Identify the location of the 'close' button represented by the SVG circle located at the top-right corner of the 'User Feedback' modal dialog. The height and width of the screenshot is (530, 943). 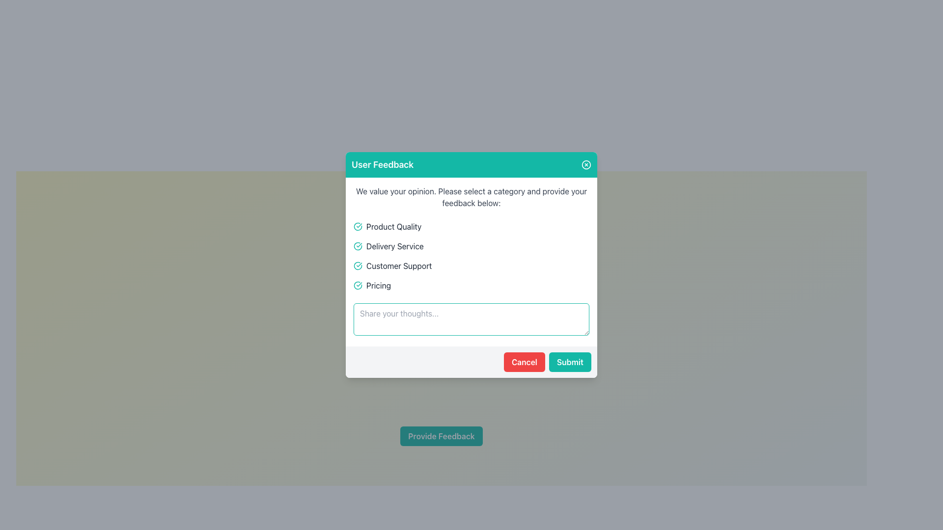
(586, 164).